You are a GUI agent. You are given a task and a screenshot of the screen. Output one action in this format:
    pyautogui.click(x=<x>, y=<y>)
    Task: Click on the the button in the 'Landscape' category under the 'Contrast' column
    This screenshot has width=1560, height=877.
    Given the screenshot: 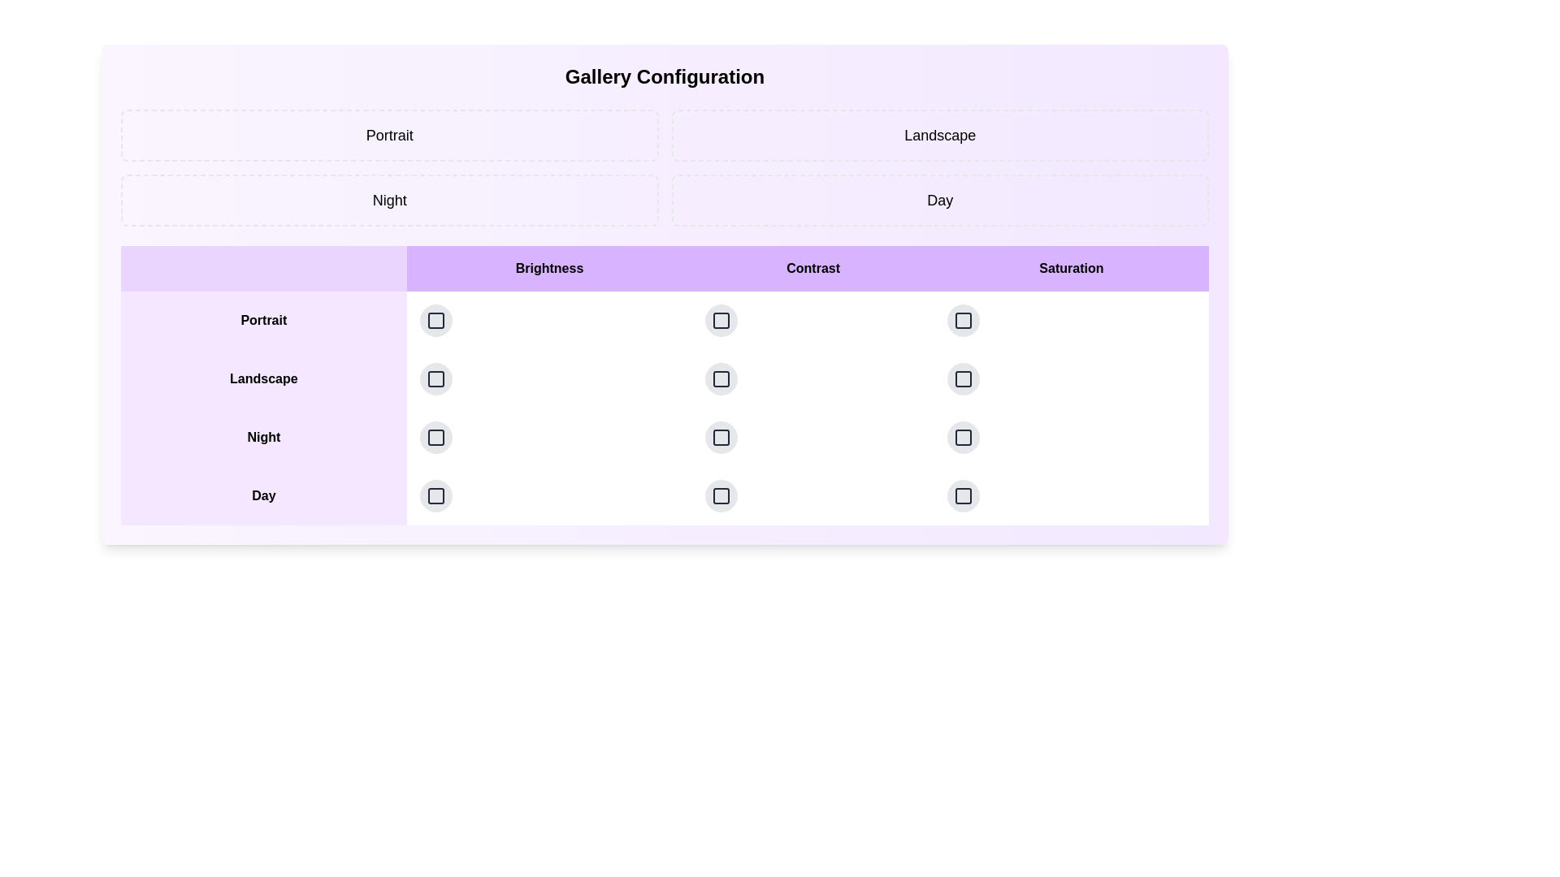 What is the action you would take?
    pyautogui.click(x=813, y=378)
    